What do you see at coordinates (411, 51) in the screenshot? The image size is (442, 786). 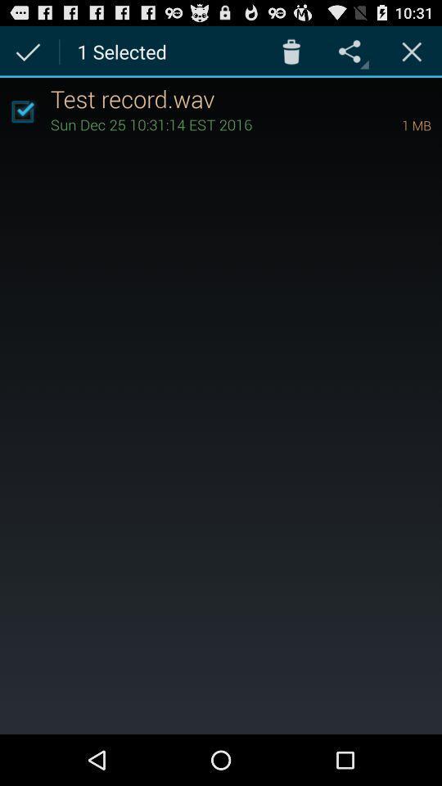 I see `query` at bounding box center [411, 51].